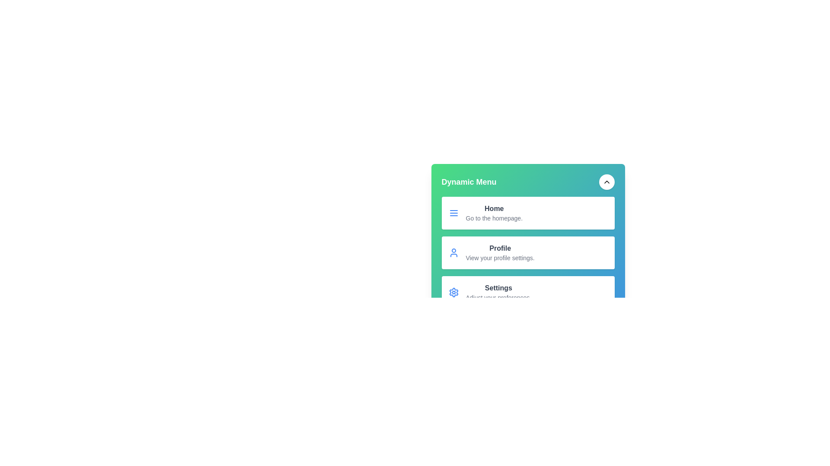 This screenshot has height=466, width=830. Describe the element at coordinates (453, 292) in the screenshot. I see `the blue gear icon representing settings located in the top left corner of the 'Settings' section box` at that location.